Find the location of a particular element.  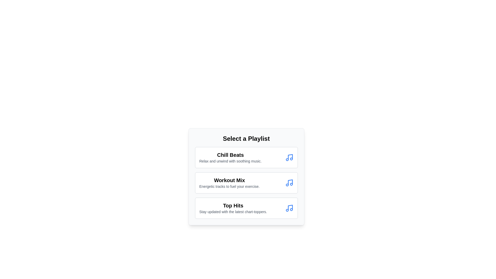

the 'Workout Mix' playlist card, which is the second item is located at coordinates (246, 183).